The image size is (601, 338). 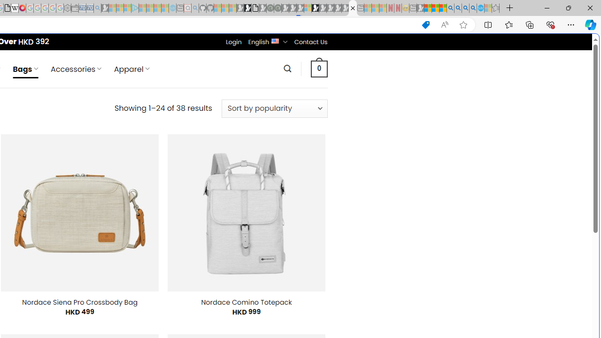 I want to click on 'Shop order', so click(x=274, y=108).